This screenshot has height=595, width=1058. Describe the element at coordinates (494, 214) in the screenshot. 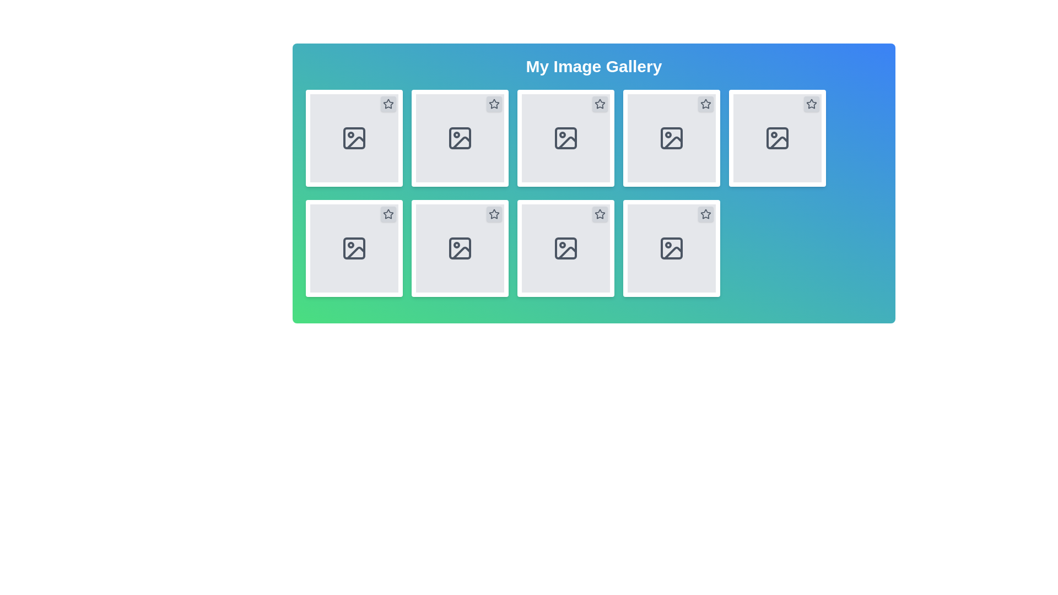

I see `the star-shaped icon located in the top-right corner of the fourth image in the second row of the gallery grid` at that location.